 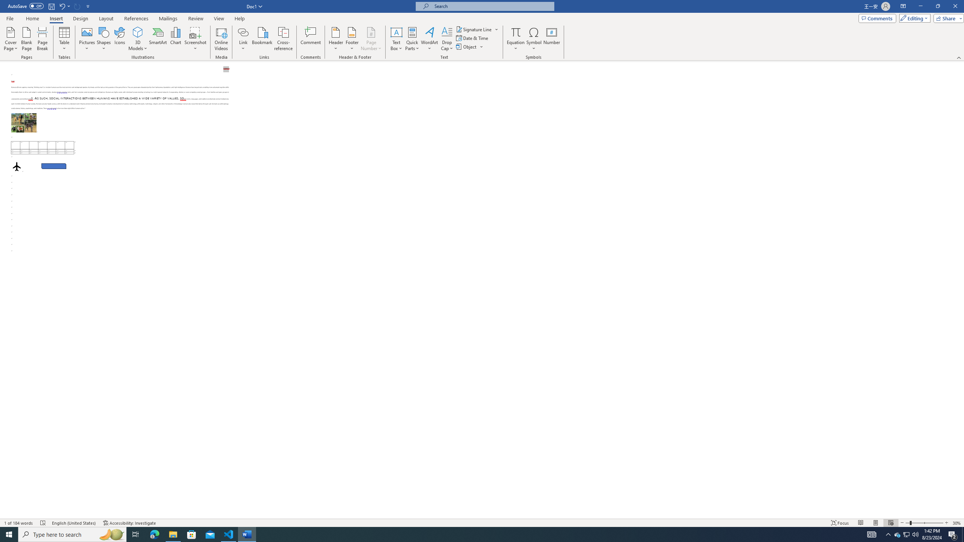 What do you see at coordinates (19, 523) in the screenshot?
I see `'Word Count 1 of 184 words'` at bounding box center [19, 523].